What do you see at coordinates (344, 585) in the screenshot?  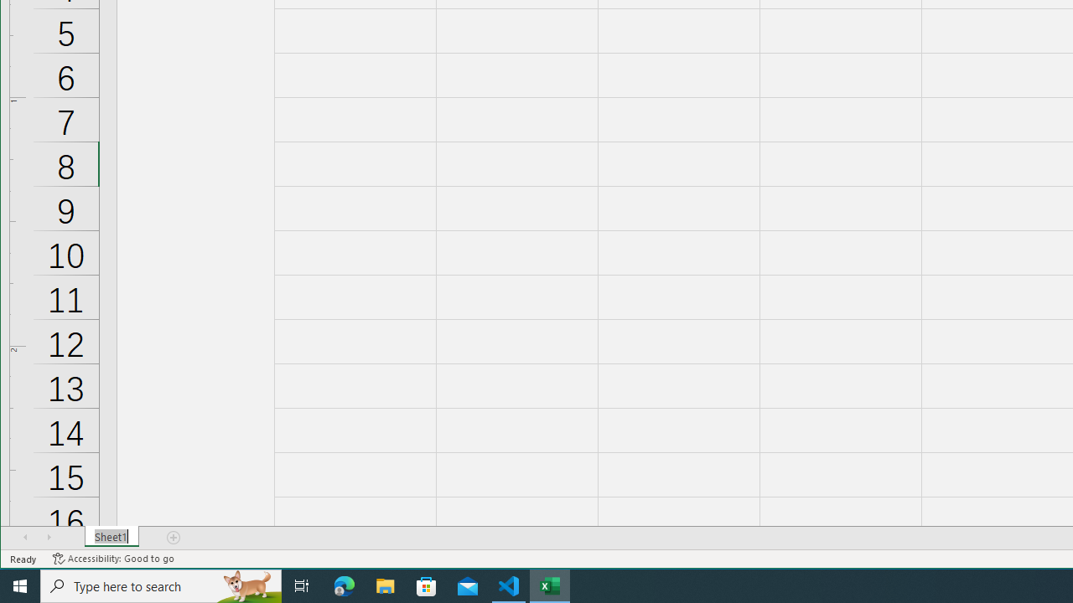 I see `'Microsoft Edge'` at bounding box center [344, 585].